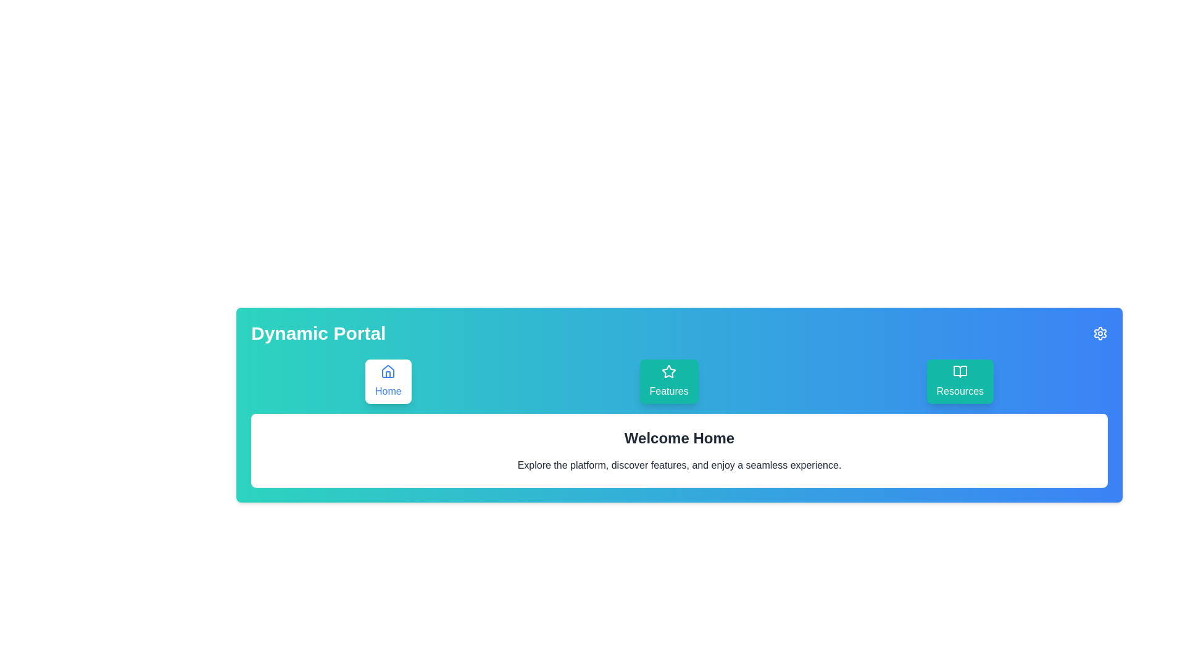 This screenshot has width=1185, height=666. I want to click on the star-shaped SVG icon representing the 'Features' option in the navigation menu, so click(668, 371).